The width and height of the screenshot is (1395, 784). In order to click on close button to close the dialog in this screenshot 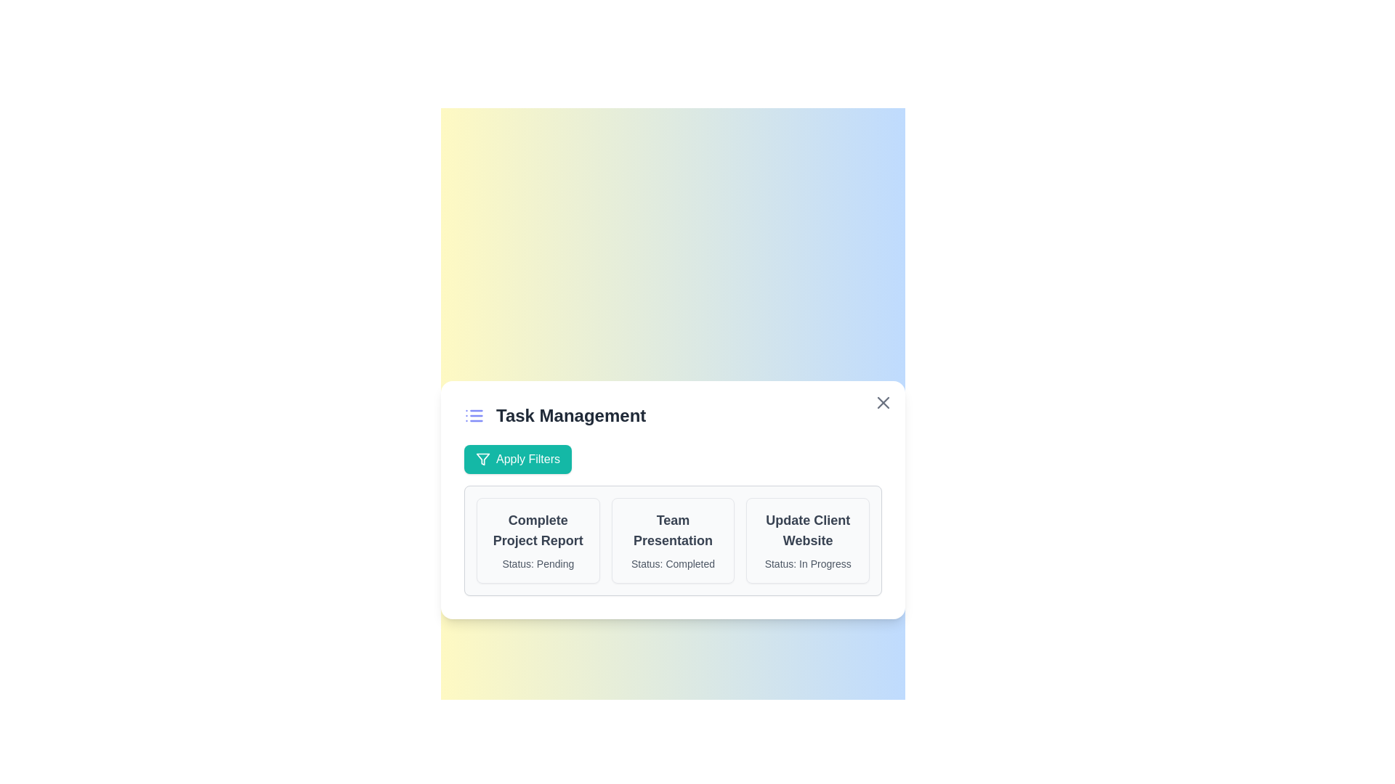, I will do `click(882, 403)`.